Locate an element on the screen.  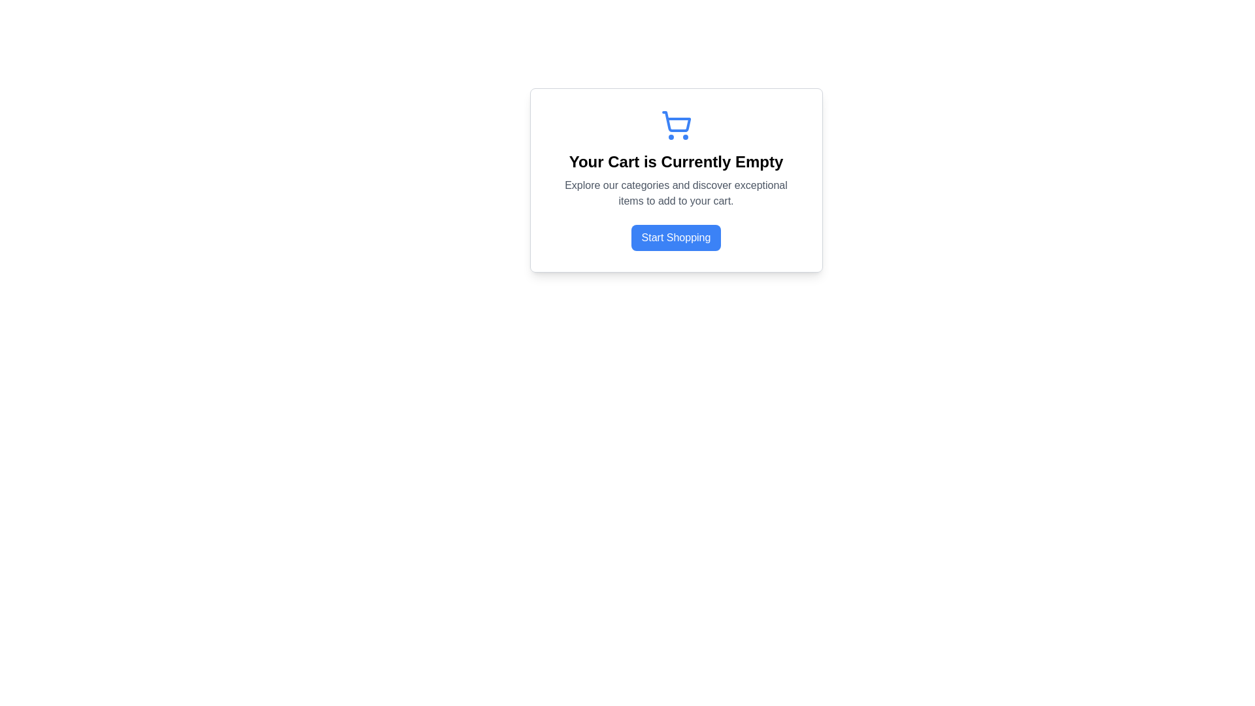
the prominent 'Start Shopping' button with a bold blue background is located at coordinates (676, 237).